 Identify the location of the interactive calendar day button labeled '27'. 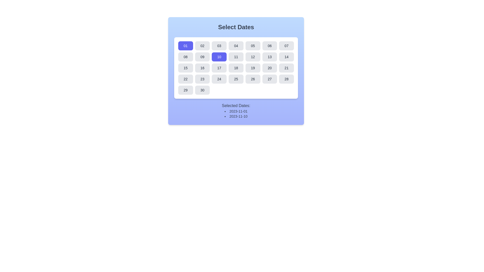
(269, 79).